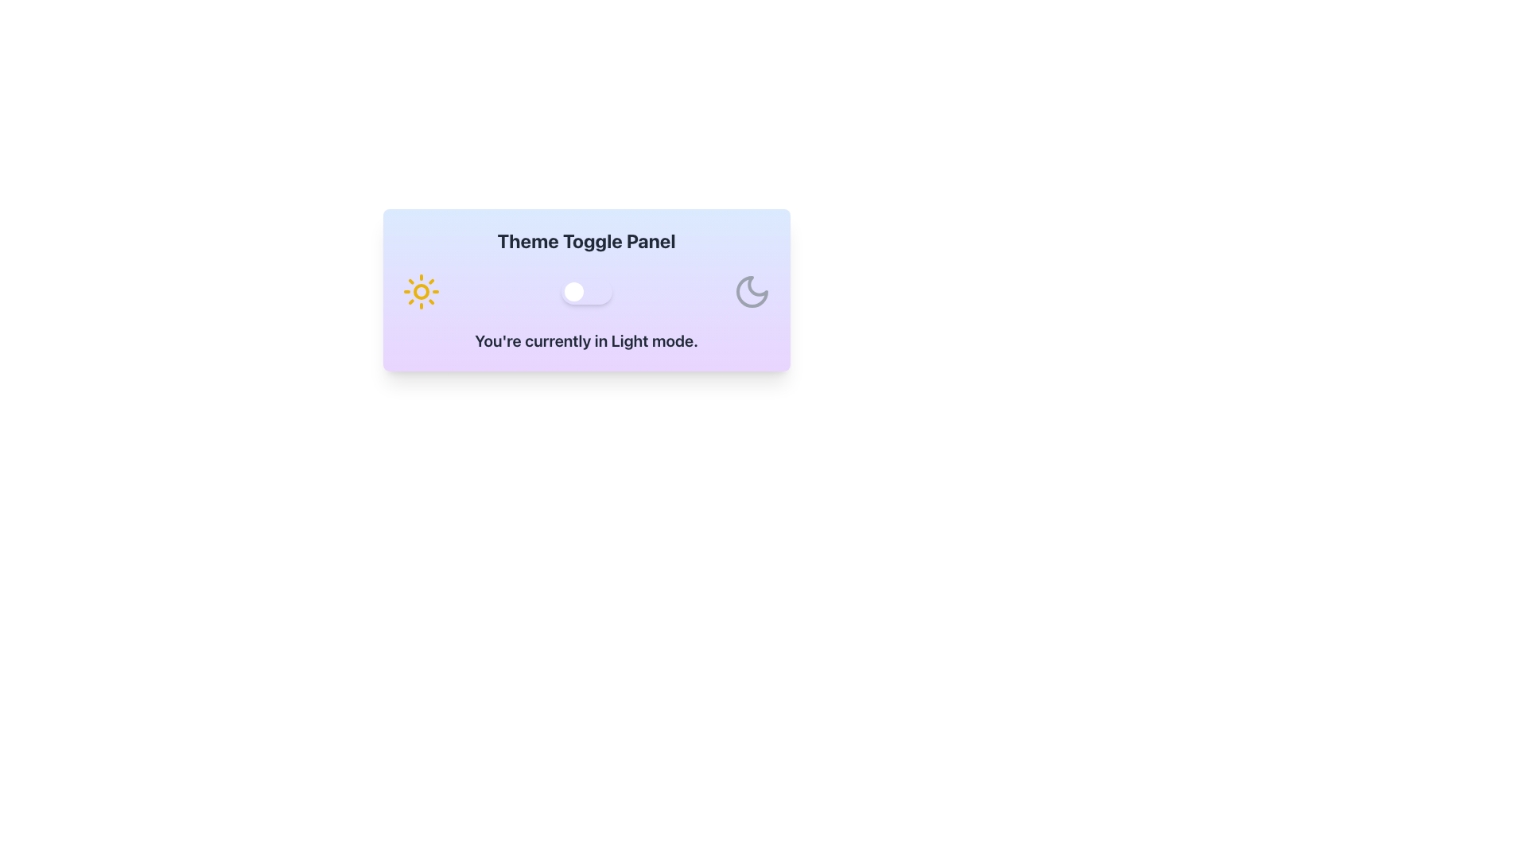  What do you see at coordinates (585, 340) in the screenshot?
I see `the Text Display that reads "You're currently in Light mode." which is located within the Theme Toggle Panel, styled with a bold font and a light gradient background` at bounding box center [585, 340].